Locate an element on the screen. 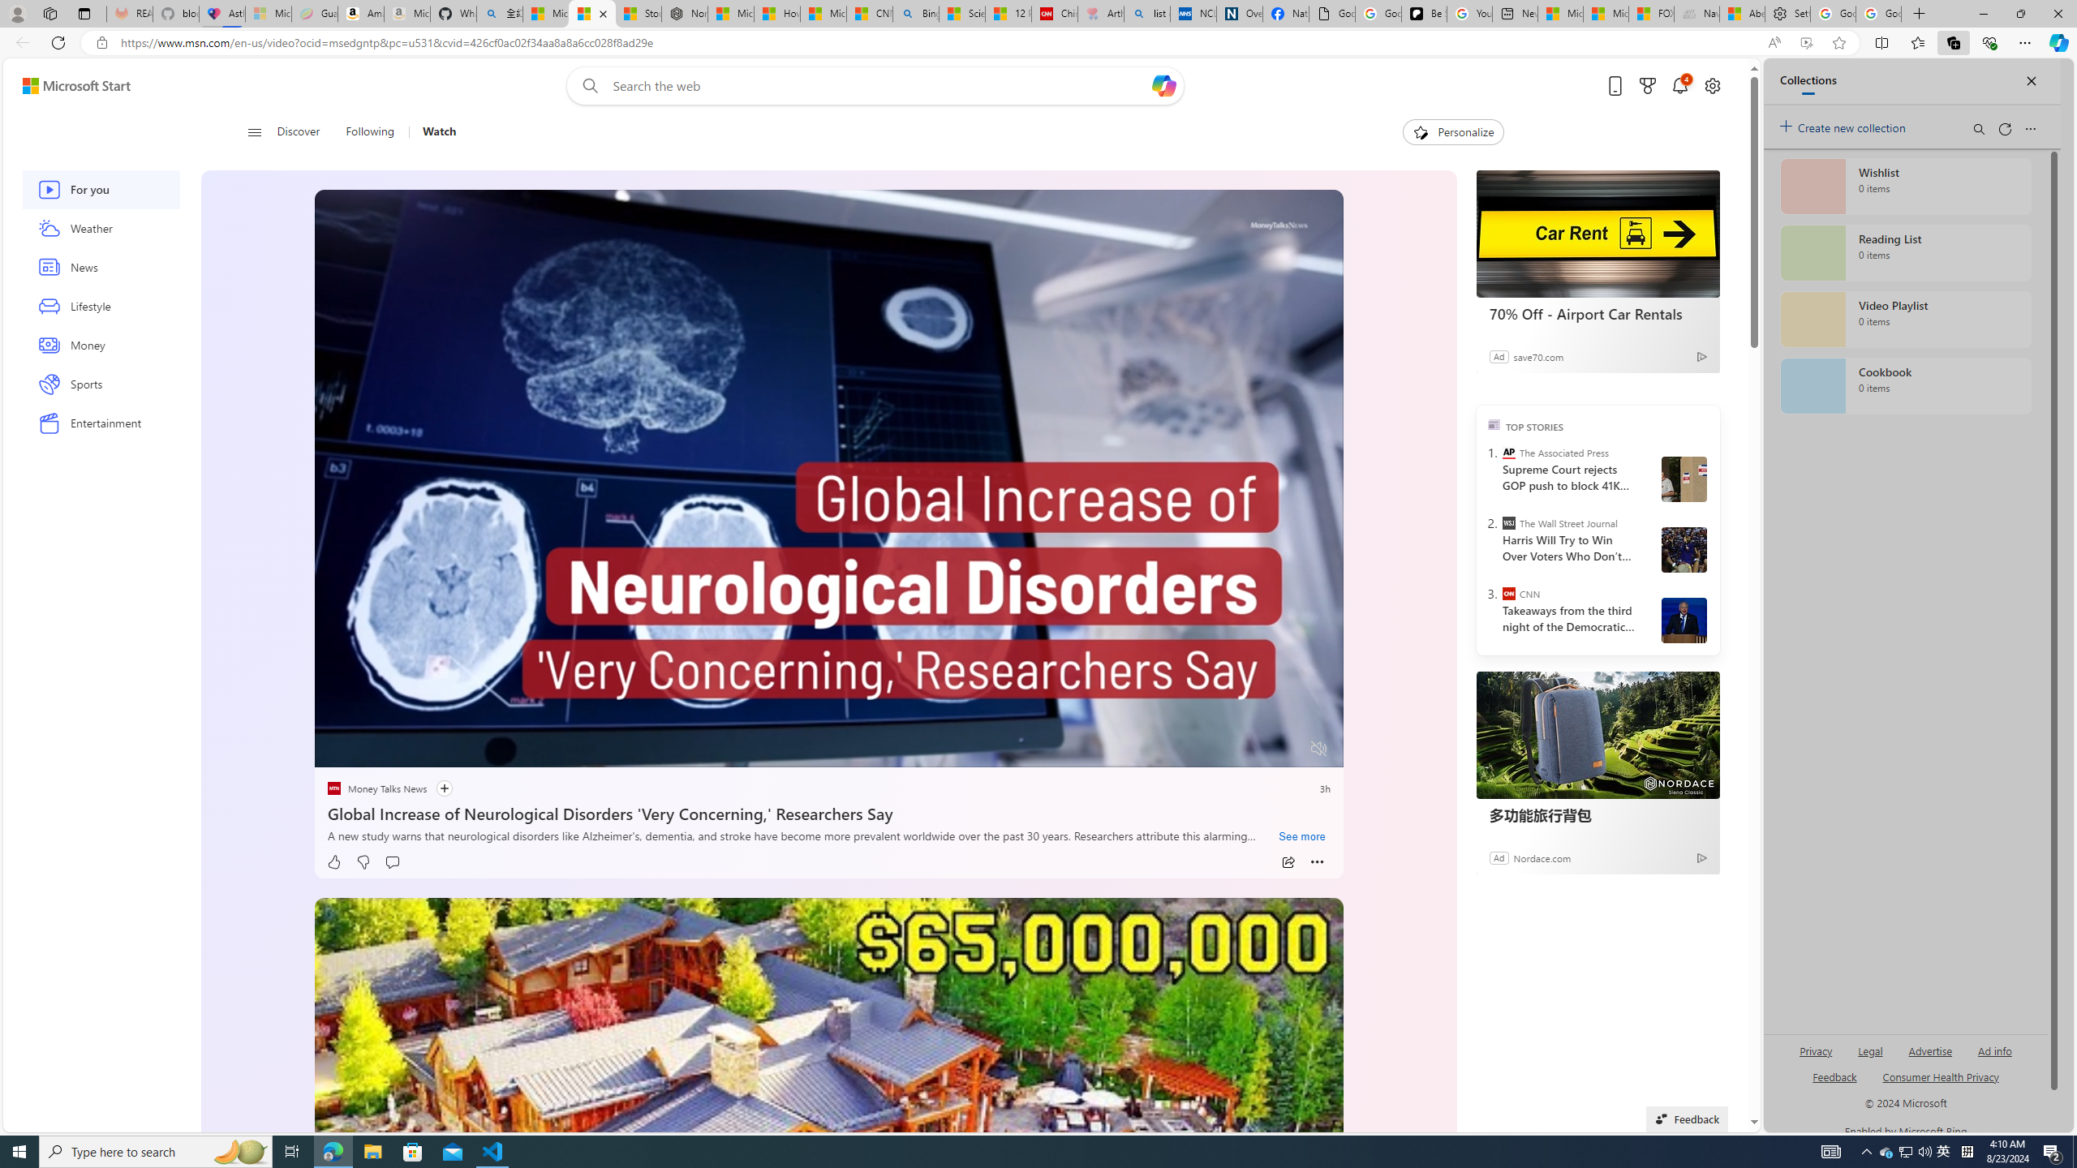 The image size is (2077, 1168). 'Follow' is located at coordinates (436, 788).